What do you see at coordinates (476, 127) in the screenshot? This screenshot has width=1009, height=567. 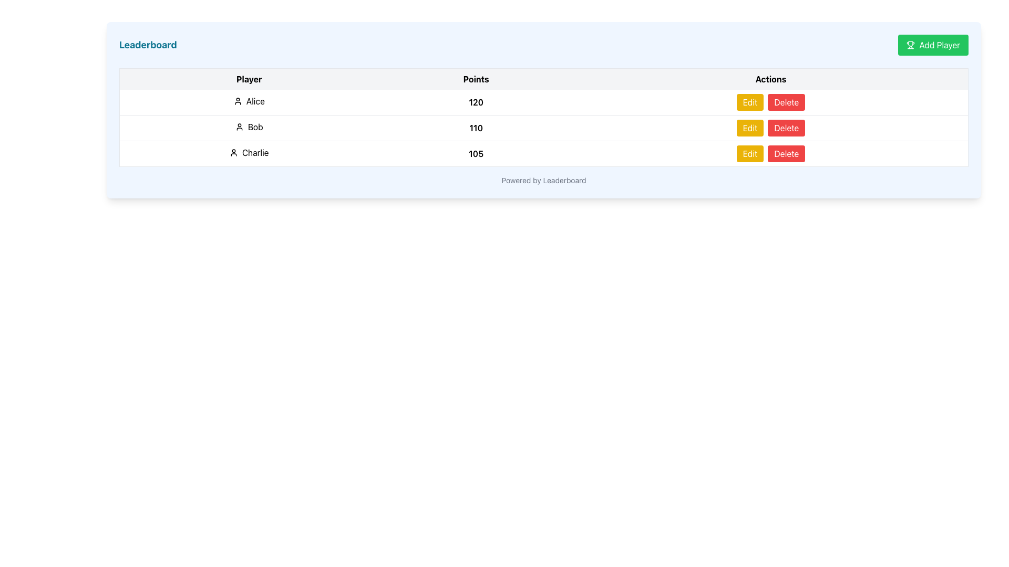 I see `text element displaying the number '110', which is the second entry under the 'Points' column in the leaderboard table for player 'Bob'` at bounding box center [476, 127].